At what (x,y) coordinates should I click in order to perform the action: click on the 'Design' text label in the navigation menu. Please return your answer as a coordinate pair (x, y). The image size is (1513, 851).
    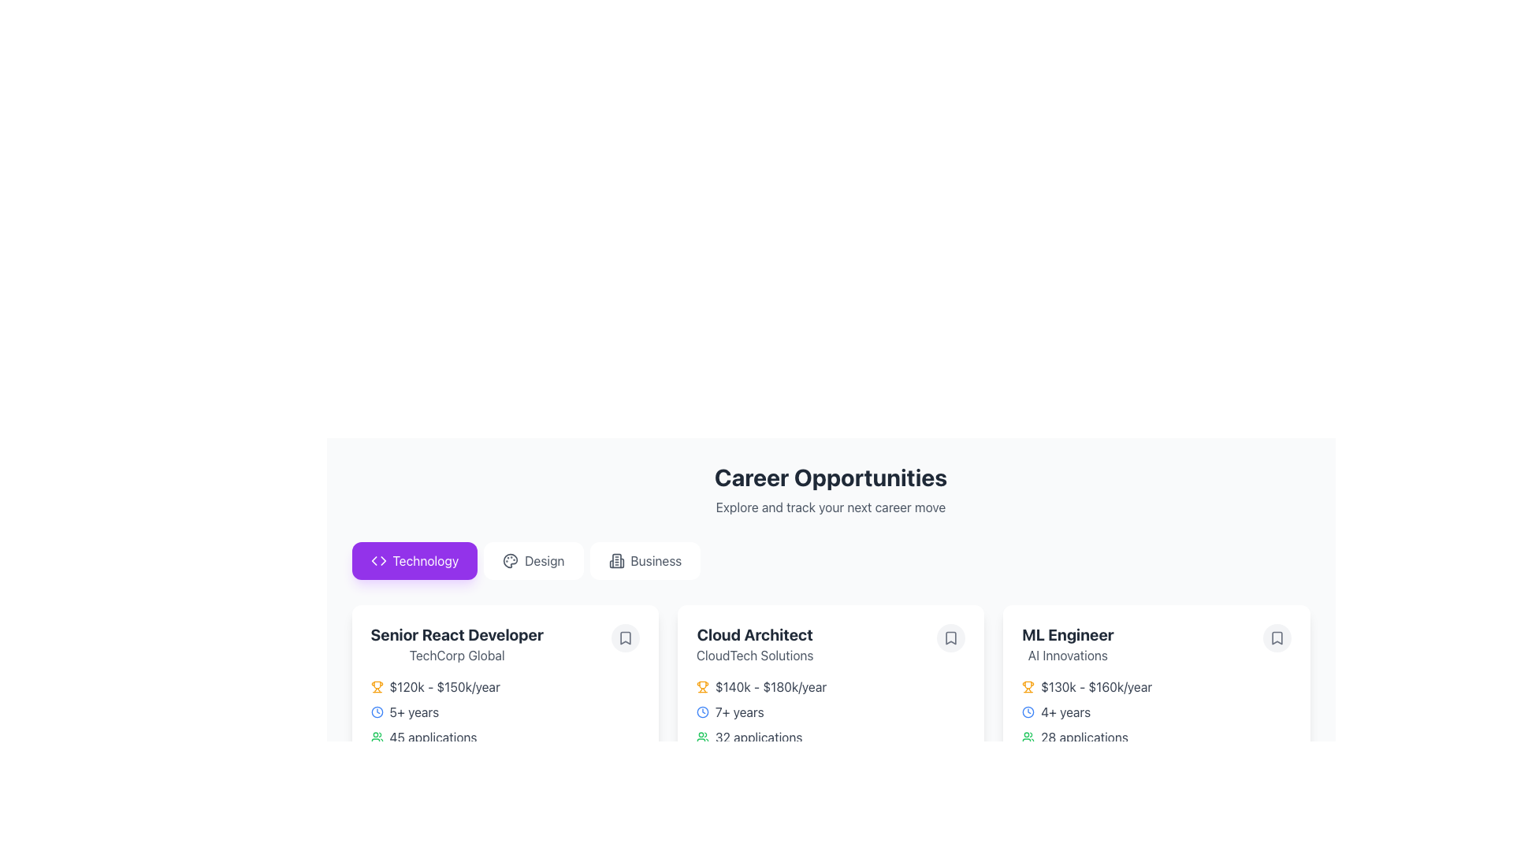
    Looking at the image, I should click on (545, 560).